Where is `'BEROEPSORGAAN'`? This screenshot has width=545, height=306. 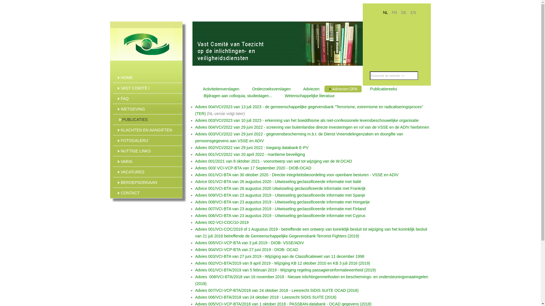 'BEROEPSORGAAN' is located at coordinates (113, 182).